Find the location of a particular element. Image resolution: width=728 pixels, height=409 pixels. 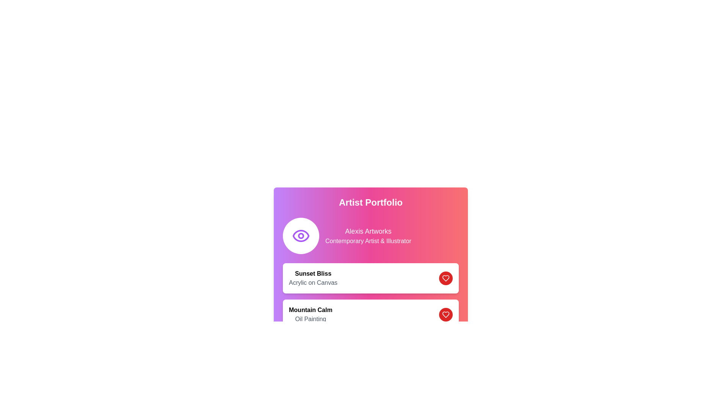

the bold black text label displaying 'Sunset Bliss' located at the top of the 'Artist Portfolio' section is located at coordinates (313, 273).